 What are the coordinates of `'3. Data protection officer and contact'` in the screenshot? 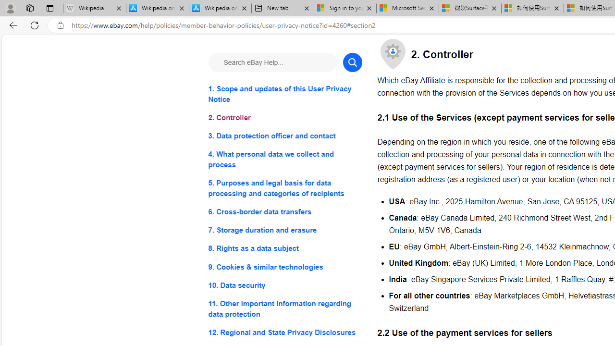 It's located at (284, 136).